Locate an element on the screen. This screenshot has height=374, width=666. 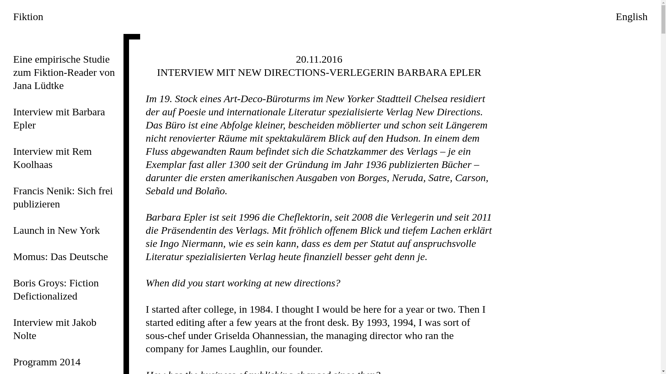
'Programm 2014' is located at coordinates (46, 361).